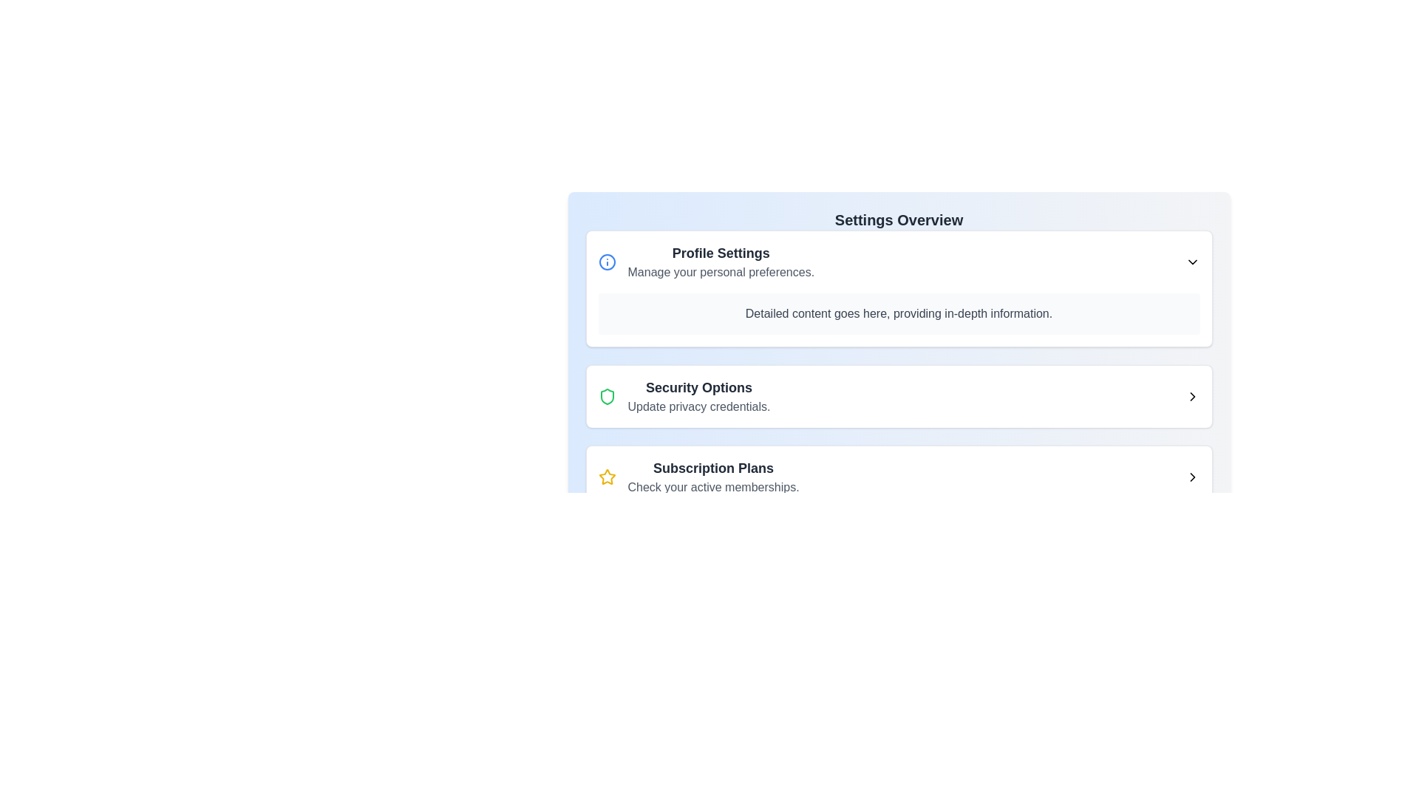 The height and width of the screenshot is (798, 1419). Describe the element at coordinates (705, 261) in the screenshot. I see `the first list item` at that location.